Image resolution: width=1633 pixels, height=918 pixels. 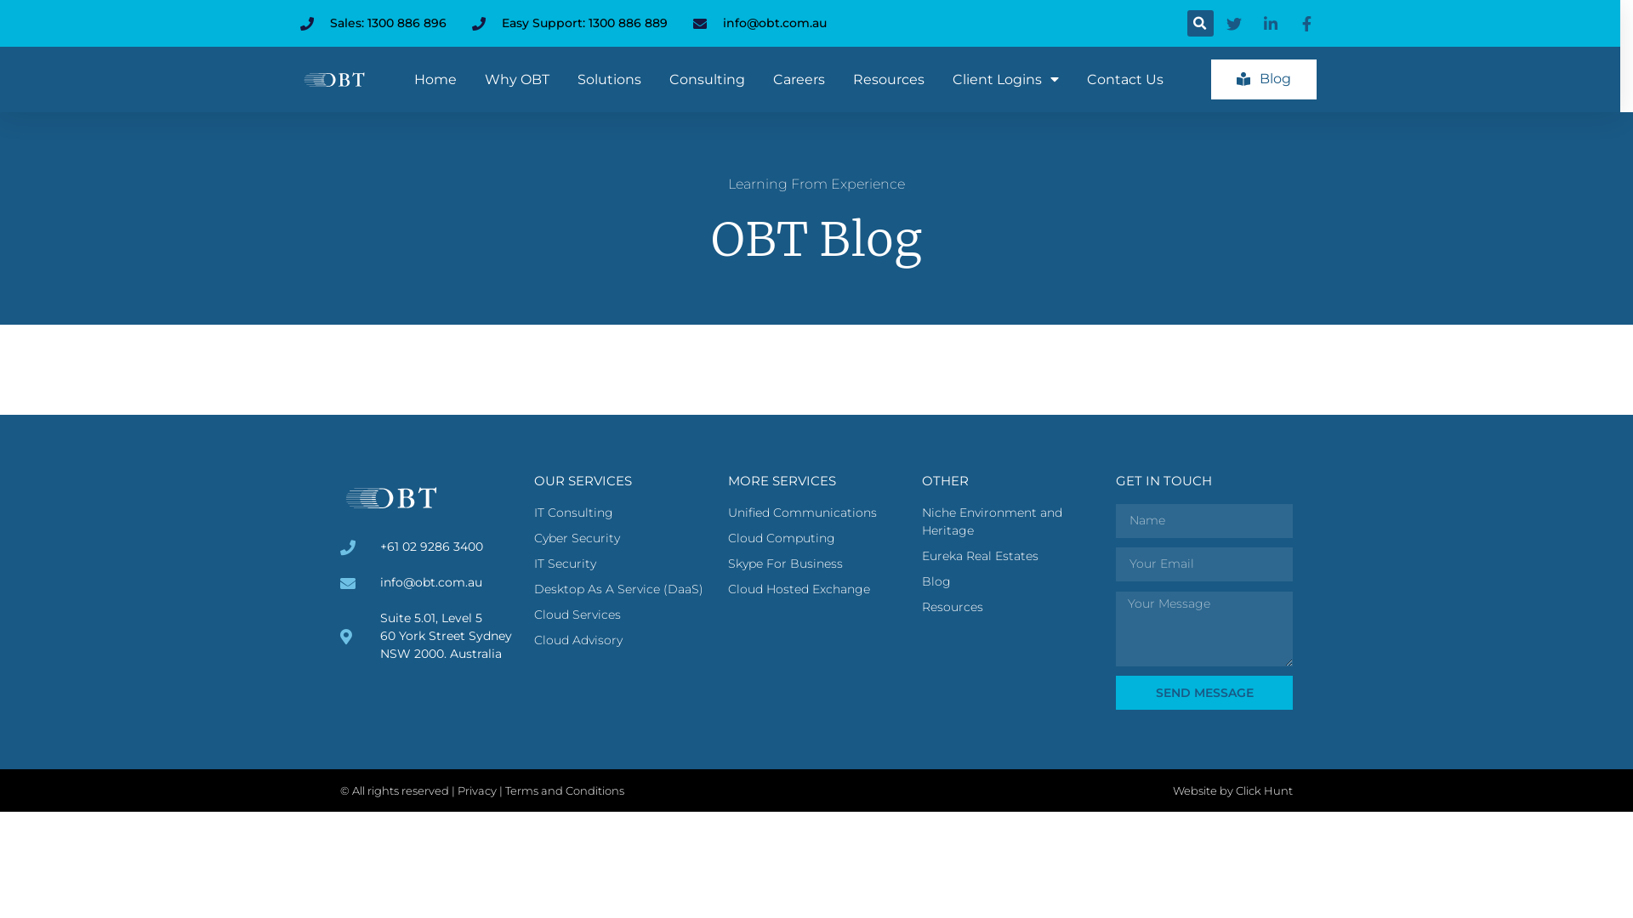 I want to click on 'Cyber Security', so click(x=621, y=538).